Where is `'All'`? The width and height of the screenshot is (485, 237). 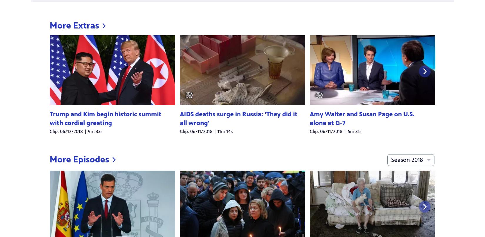
'All' is located at coordinates (399, 45).